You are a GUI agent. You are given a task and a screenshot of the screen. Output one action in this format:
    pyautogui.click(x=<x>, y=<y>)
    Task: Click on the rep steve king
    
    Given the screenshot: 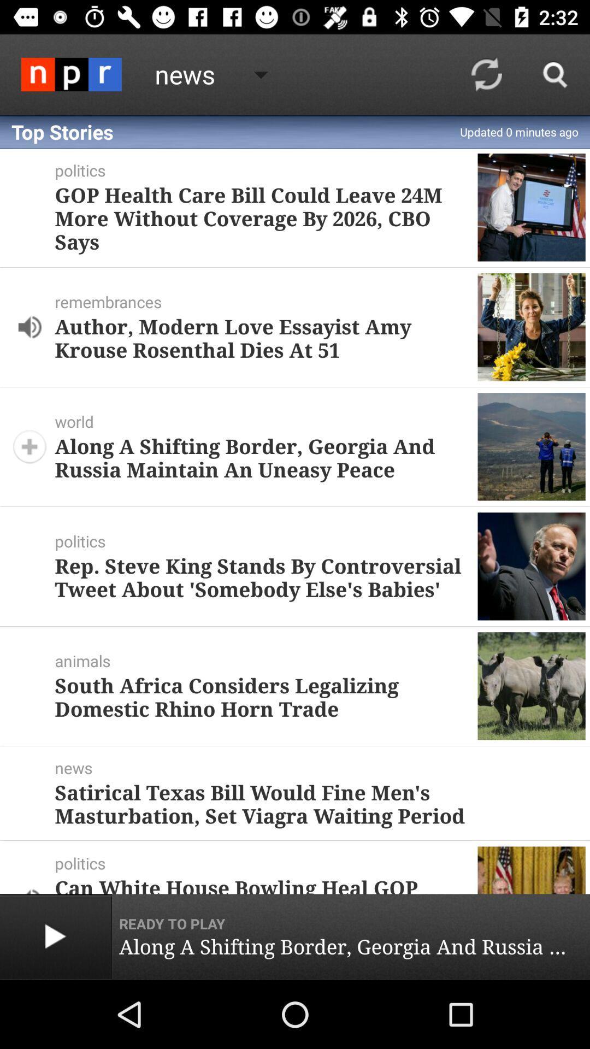 What is the action you would take?
    pyautogui.click(x=262, y=576)
    